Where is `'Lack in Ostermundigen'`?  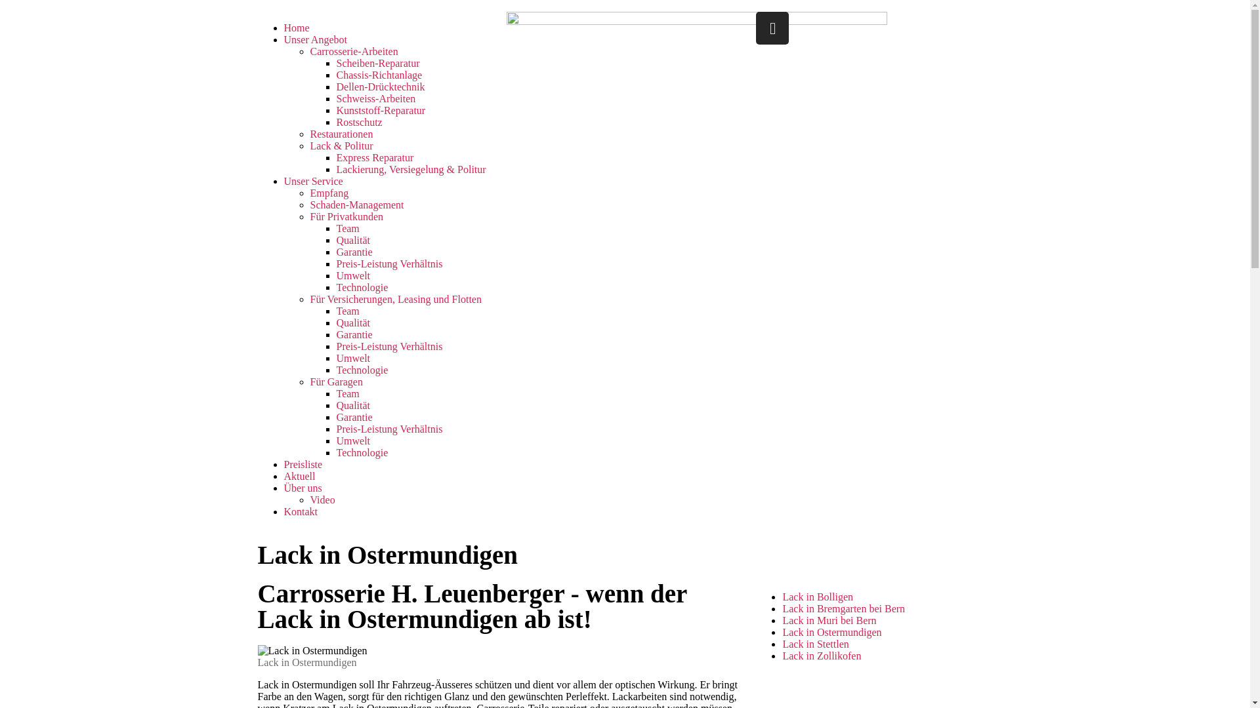 'Lack in Ostermundigen' is located at coordinates (831, 631).